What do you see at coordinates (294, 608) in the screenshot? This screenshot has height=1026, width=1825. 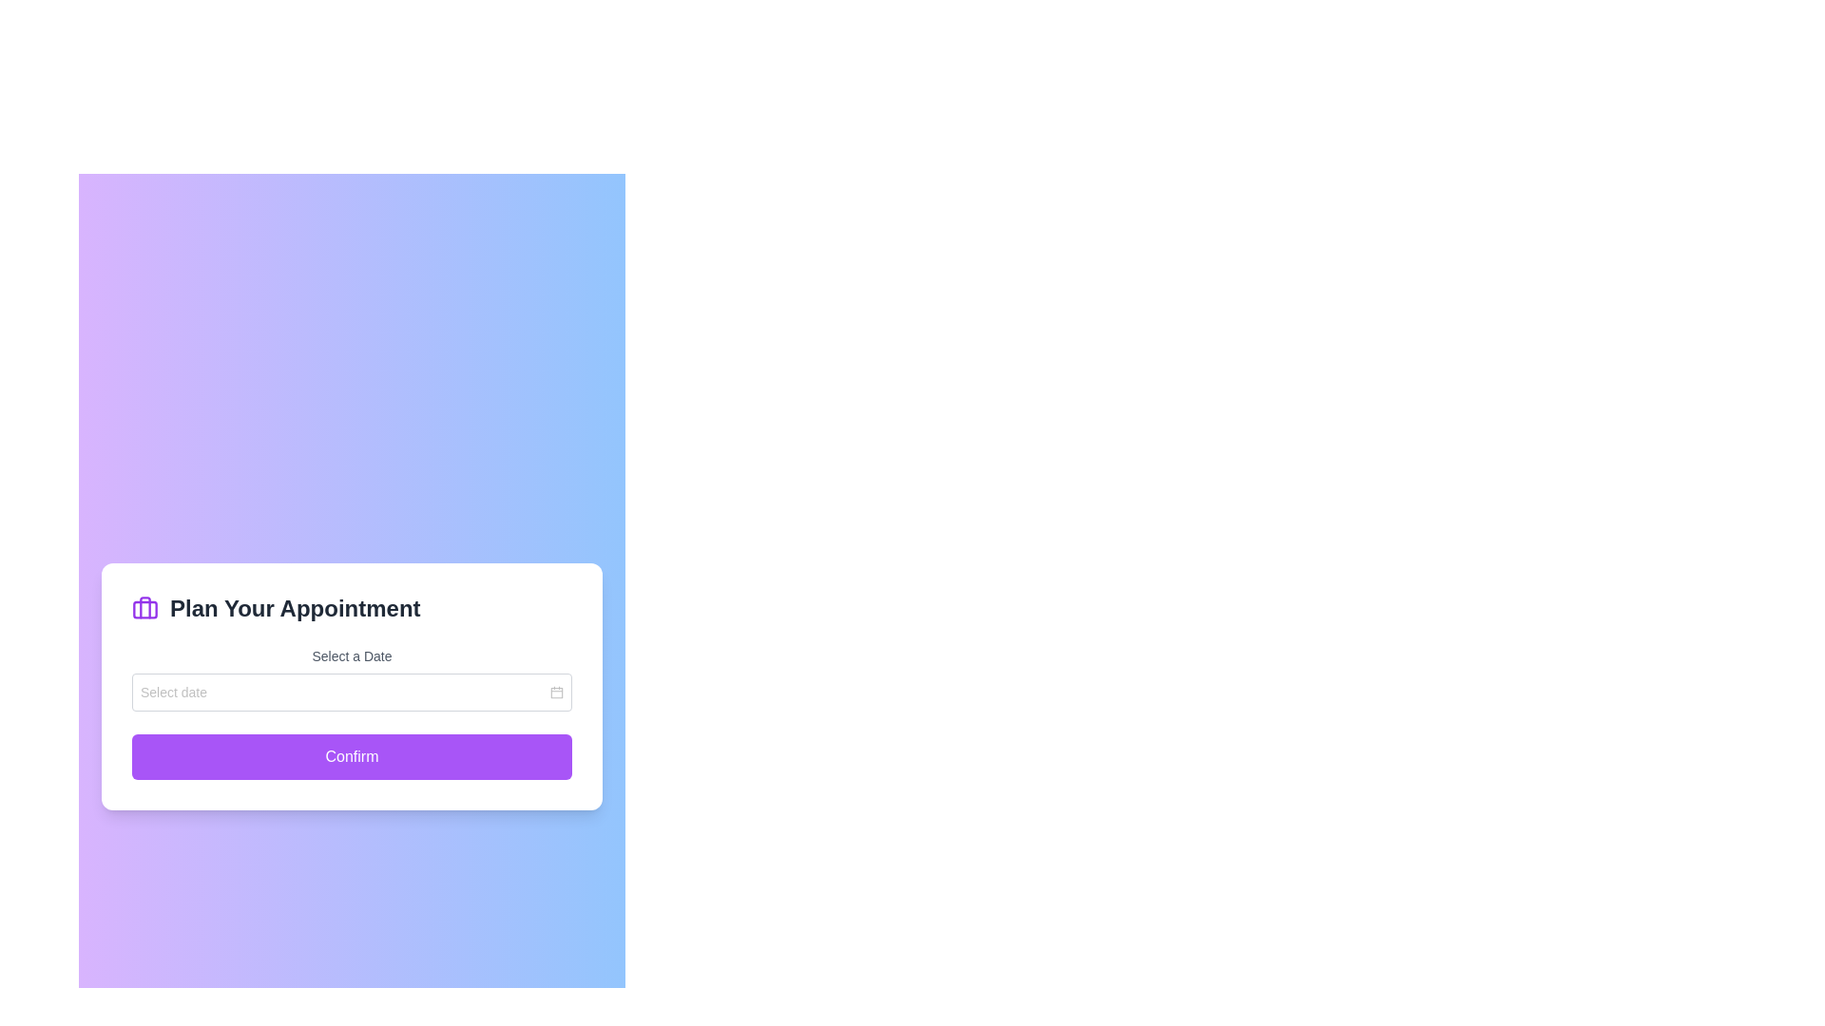 I see `the title or heading text for the appointment scheduling section, which is located near the top-center of a white box, next to a purple briefcase icon` at bounding box center [294, 608].